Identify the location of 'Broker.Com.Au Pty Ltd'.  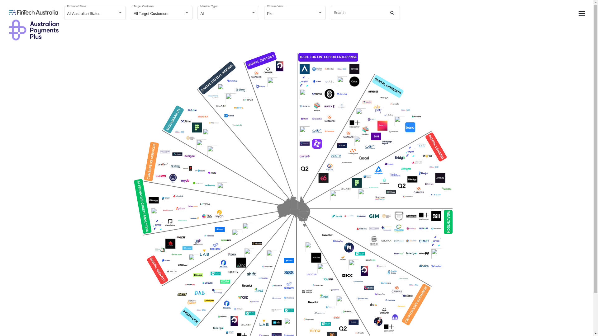
(154, 200).